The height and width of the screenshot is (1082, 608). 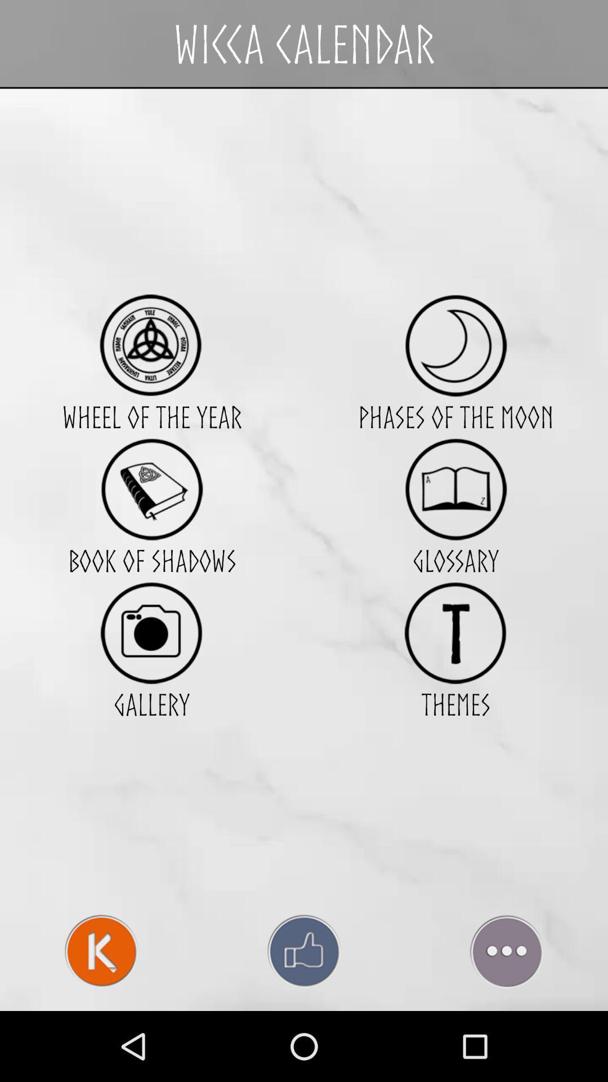 I want to click on thumbs up, so click(x=304, y=951).